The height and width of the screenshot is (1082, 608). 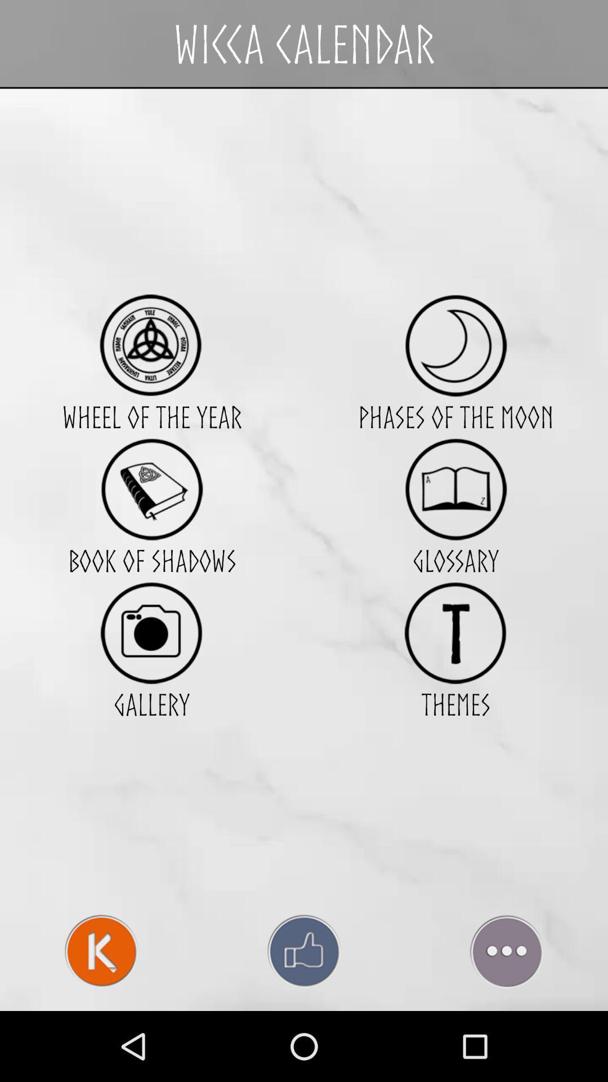 I want to click on thumbs up, so click(x=304, y=951).